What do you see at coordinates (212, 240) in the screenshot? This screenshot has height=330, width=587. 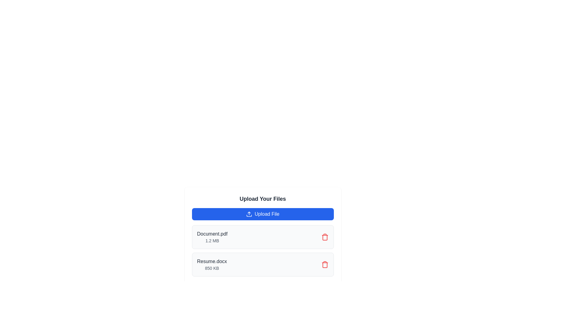 I see `the text label displaying '1.2 MB', which is located below the file name 'Document.pdf' in the document list` at bounding box center [212, 240].